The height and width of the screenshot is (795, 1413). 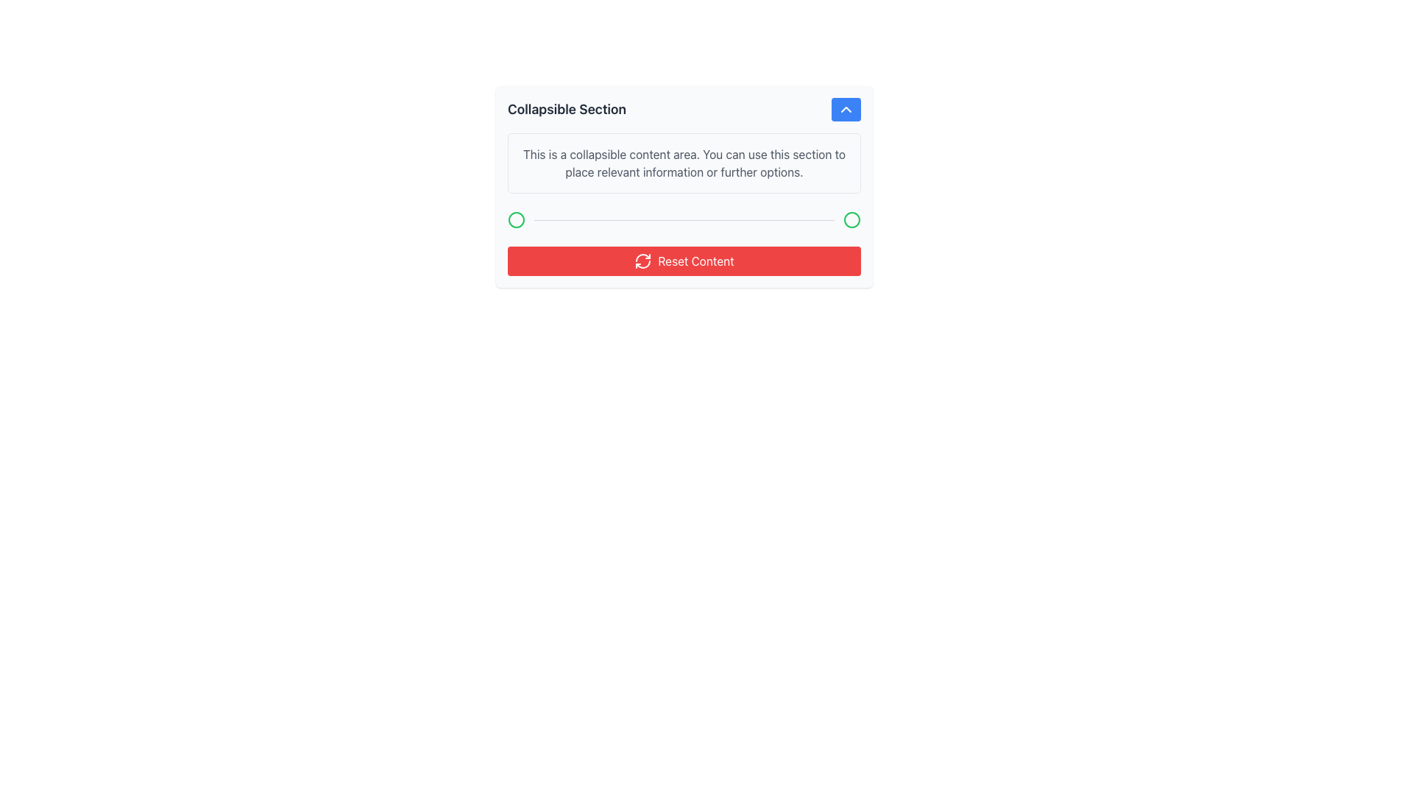 What do you see at coordinates (684, 220) in the screenshot?
I see `the visual separator or progress bar located in the lower portion of the collapsible section, directly above the red 'Reset Content' button` at bounding box center [684, 220].